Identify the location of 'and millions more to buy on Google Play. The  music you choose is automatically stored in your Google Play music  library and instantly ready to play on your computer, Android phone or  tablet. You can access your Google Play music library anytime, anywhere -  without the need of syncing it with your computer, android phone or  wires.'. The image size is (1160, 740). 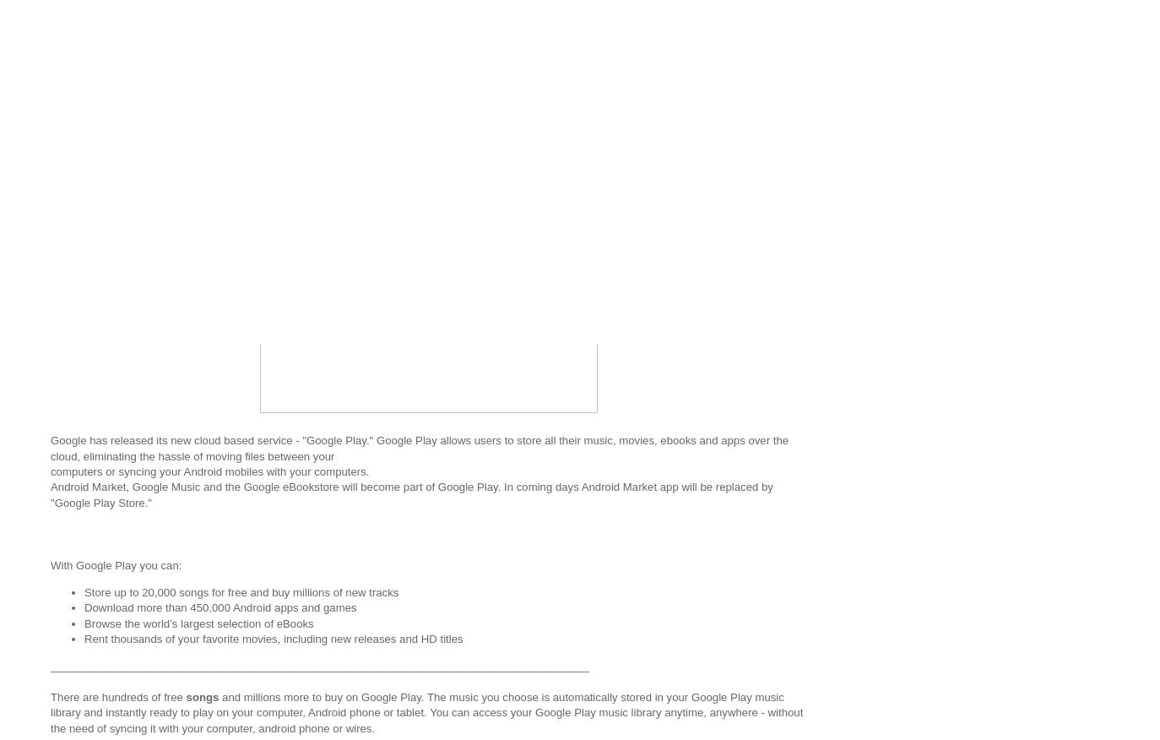
(426, 711).